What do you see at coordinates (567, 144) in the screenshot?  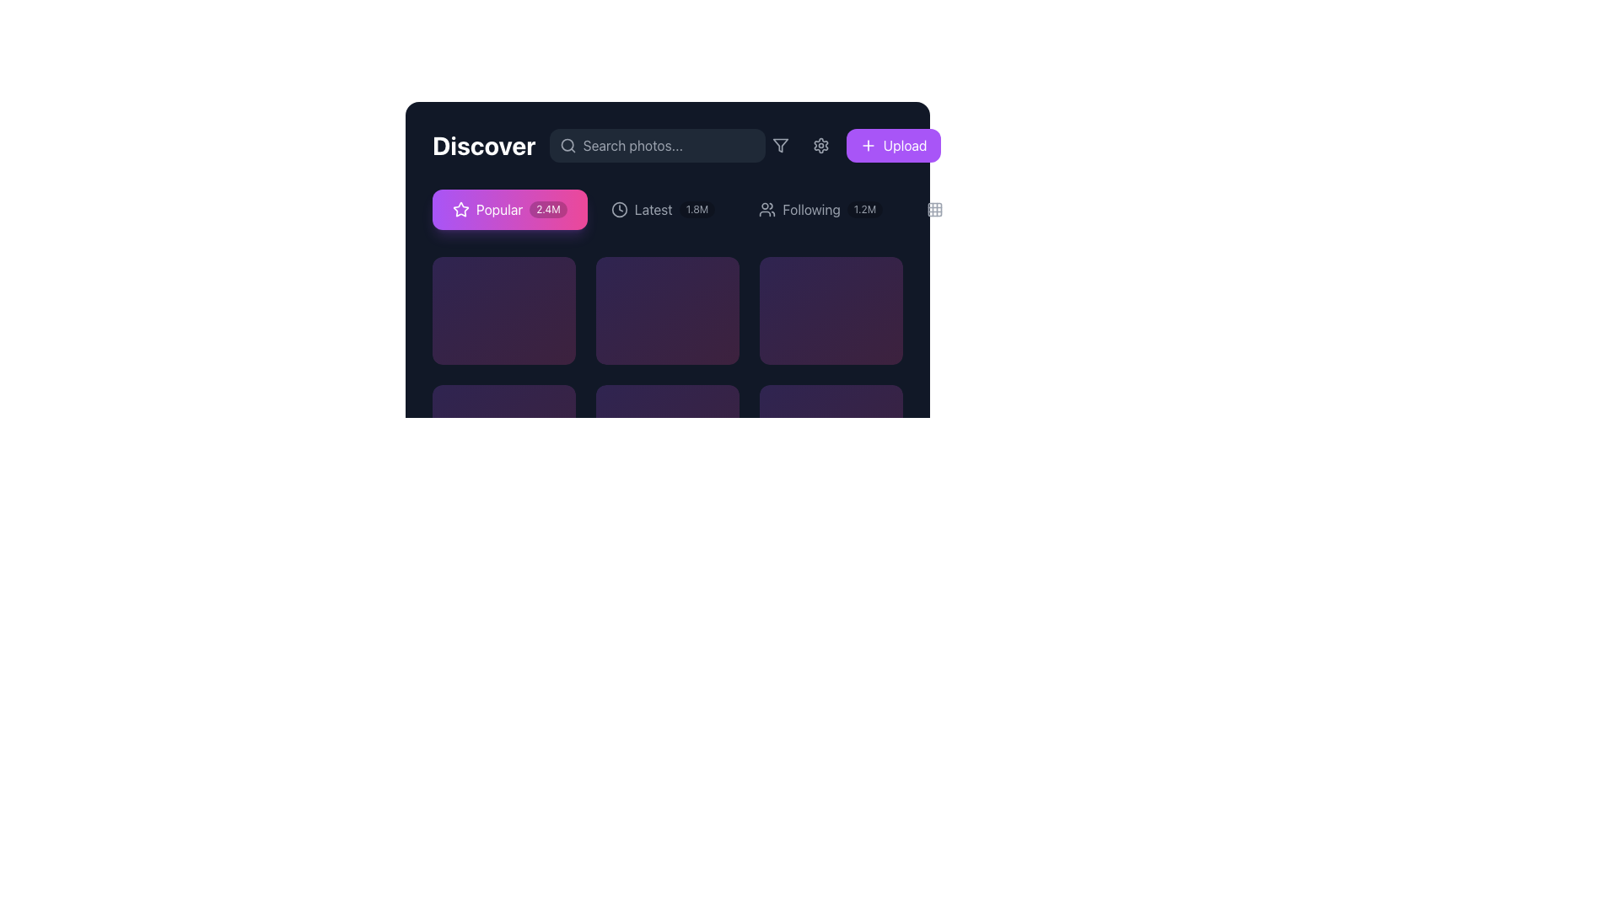 I see `the inner circular part of the search icon located to the left of the search input field in the top navigation bar` at bounding box center [567, 144].